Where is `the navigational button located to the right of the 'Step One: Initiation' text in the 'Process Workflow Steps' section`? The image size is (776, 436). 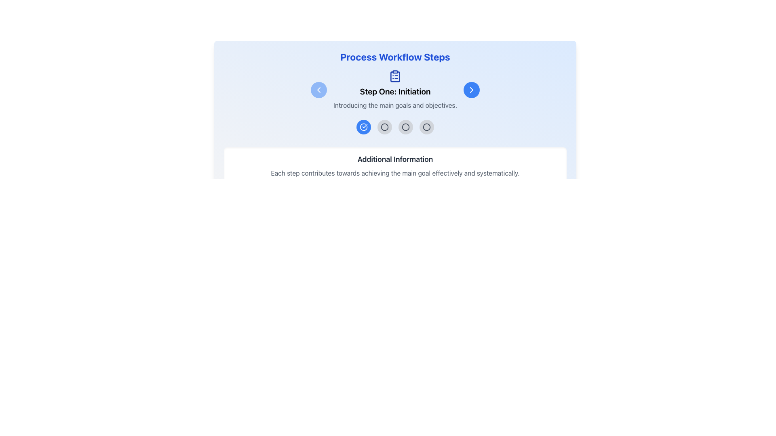
the navigational button located to the right of the 'Step One: Initiation' text in the 'Process Workflow Steps' section is located at coordinates (471, 90).